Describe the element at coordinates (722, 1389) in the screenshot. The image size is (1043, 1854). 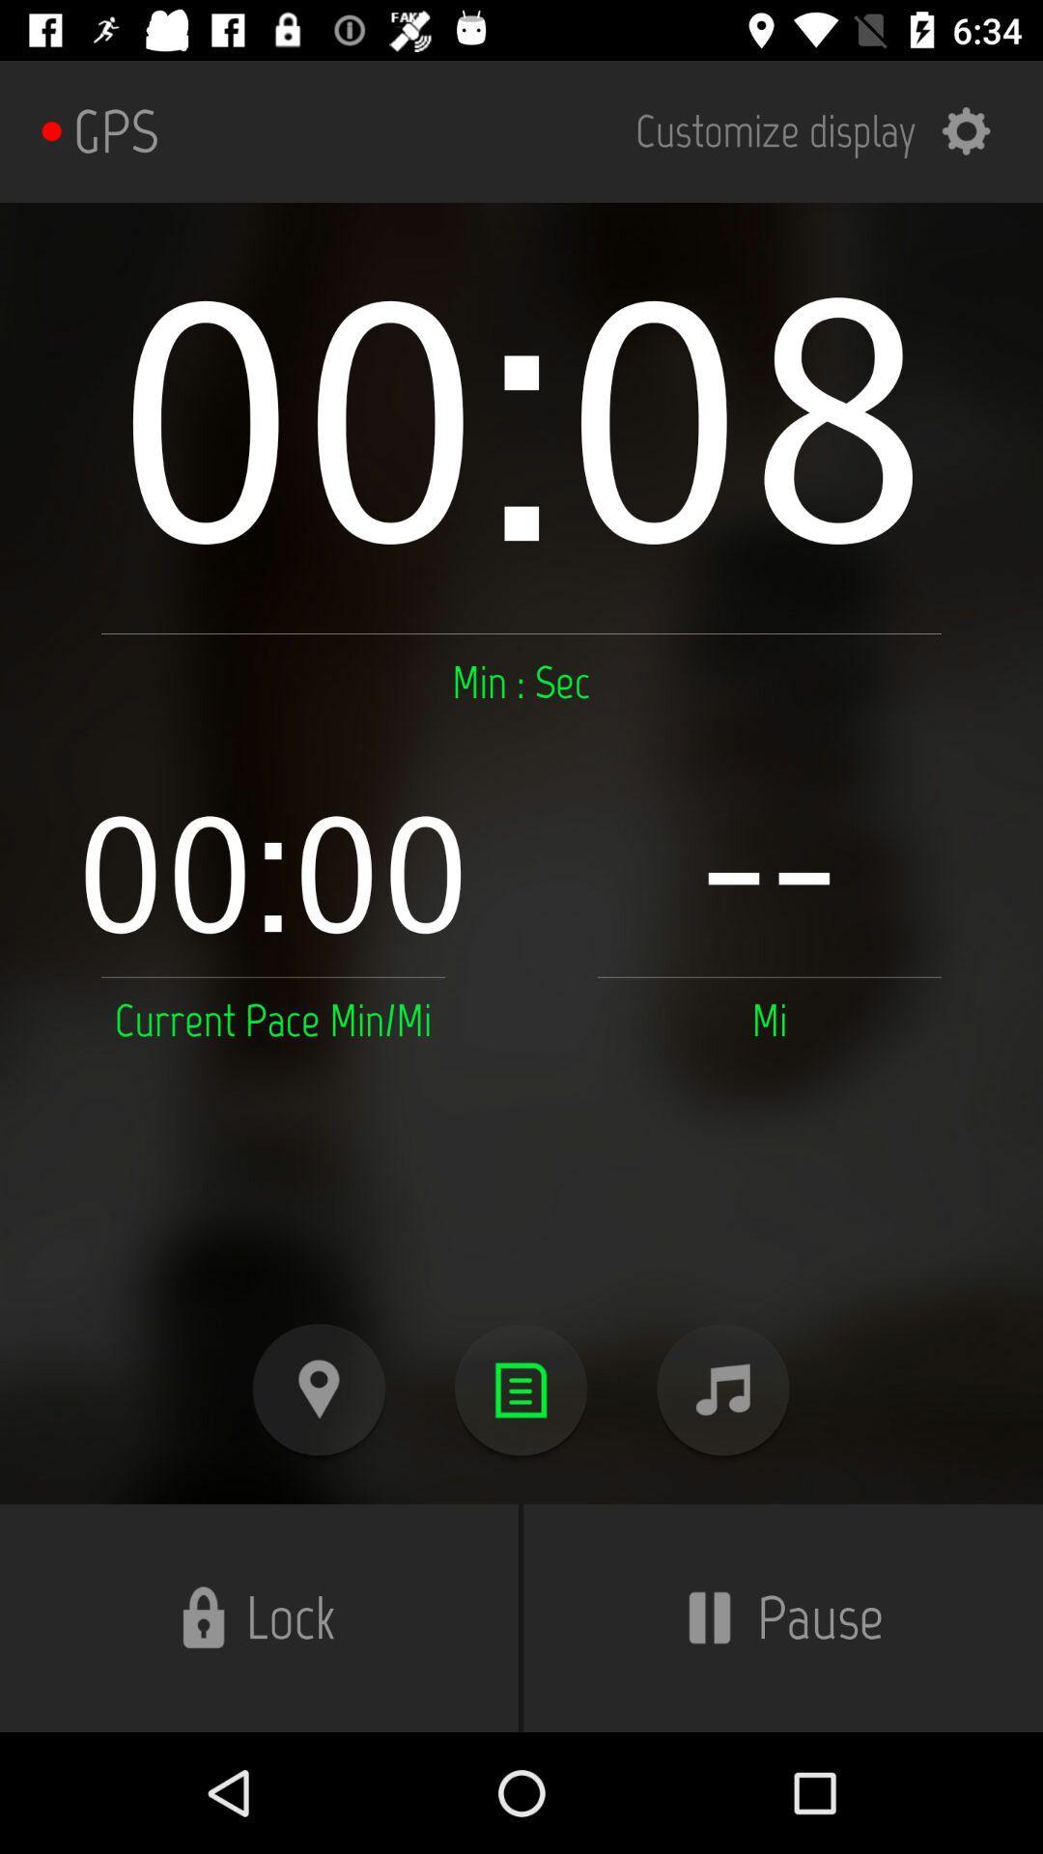
I see `music symbol` at that location.